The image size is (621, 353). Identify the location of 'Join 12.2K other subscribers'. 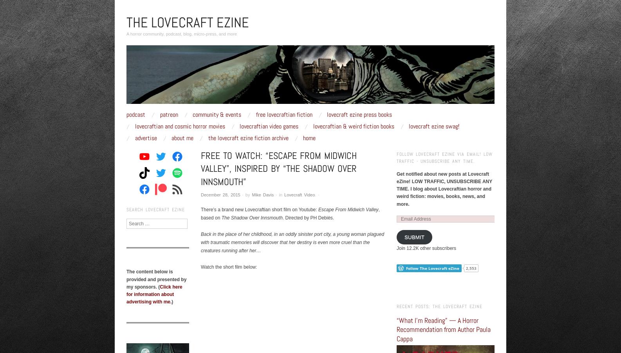
(396, 248).